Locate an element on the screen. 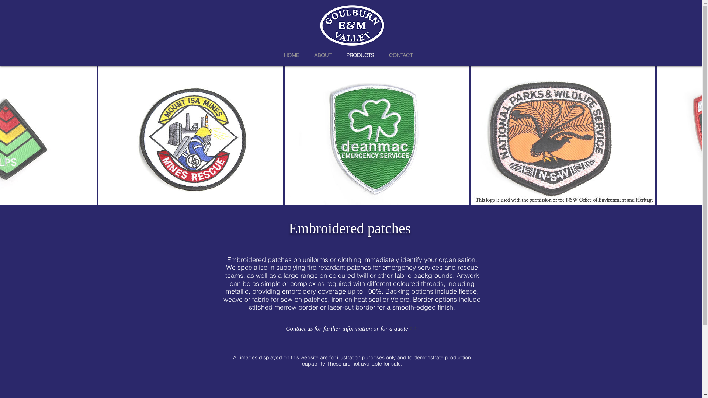  'Contact us for further information or for a quote >>' is located at coordinates (351, 328).